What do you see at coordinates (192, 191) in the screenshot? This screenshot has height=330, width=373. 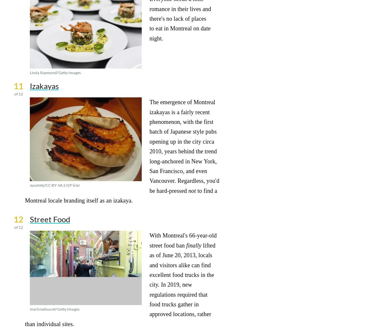 I see `'not'` at bounding box center [192, 191].